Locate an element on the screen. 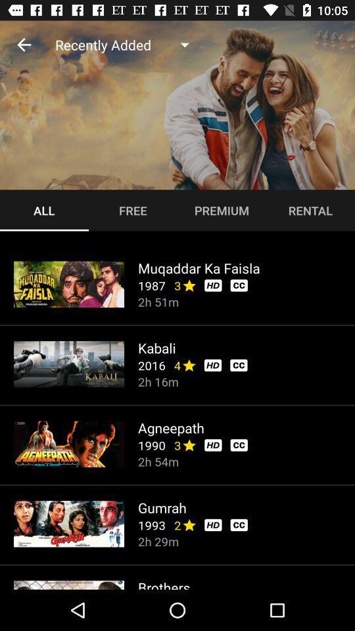 The image size is (355, 631). the image beside gumrah is located at coordinates (68, 524).